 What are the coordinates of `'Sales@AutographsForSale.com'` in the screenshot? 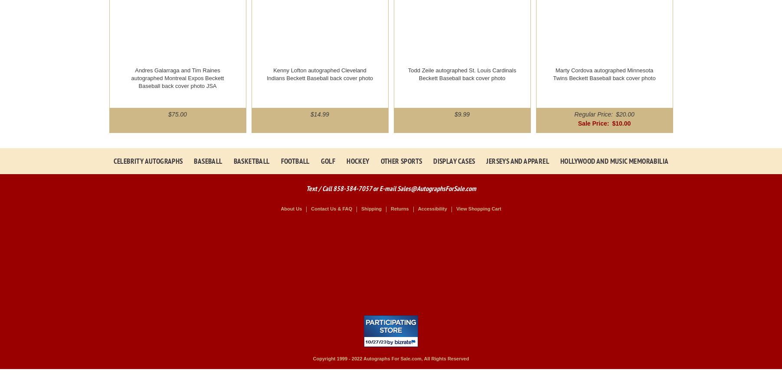 It's located at (436, 188).